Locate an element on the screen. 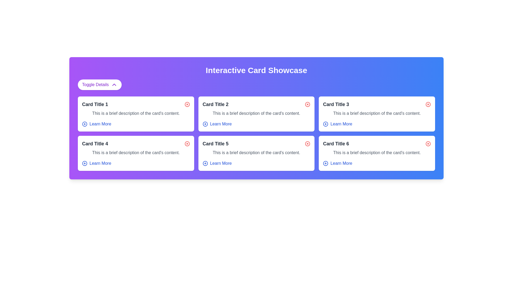 The image size is (510, 287). the supplementary descriptive text located beneath 'Card Title 3' and above the 'Learn More' link in the card labeled 'Card Title 3' is located at coordinates (377, 113).